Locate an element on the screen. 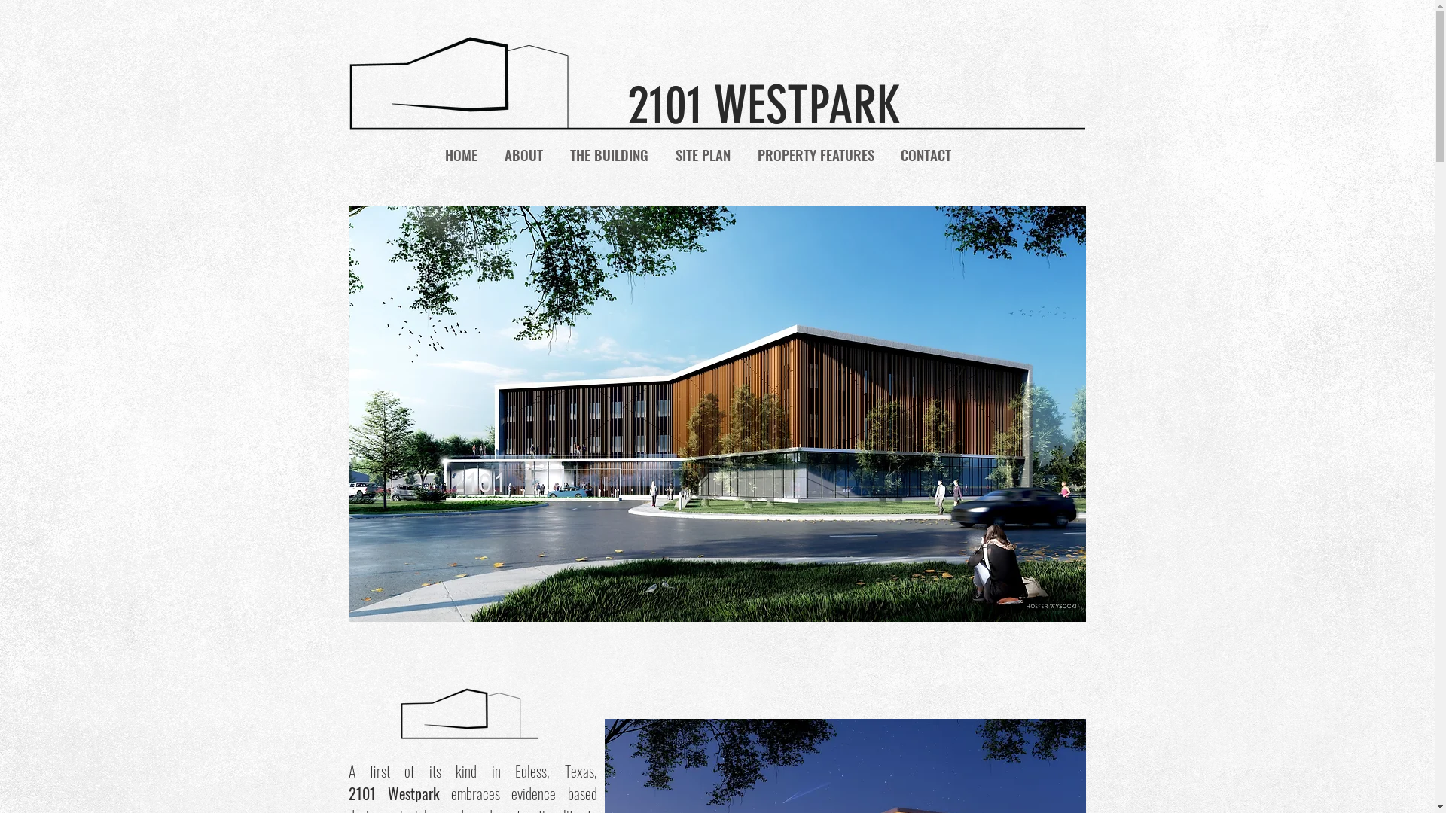  'PROPERTY FEATURES' is located at coordinates (815, 154).